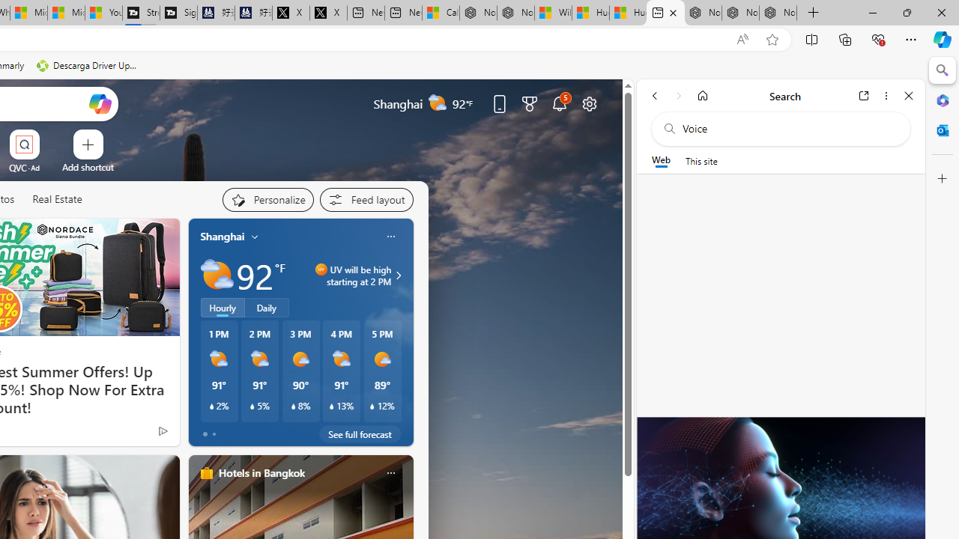  Describe the element at coordinates (261, 472) in the screenshot. I see `'Hotels in Bangkok'` at that location.